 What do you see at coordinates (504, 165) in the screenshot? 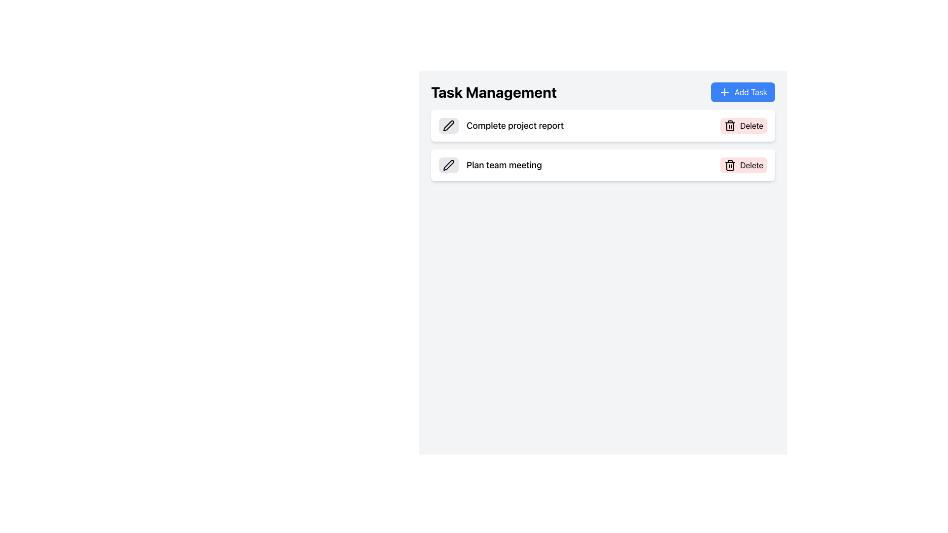
I see `the static text label reading 'Plan team meeting', which is located in the second row of the task list under the 'Task Management' section, following the task labeled 'Complete project report'` at bounding box center [504, 165].